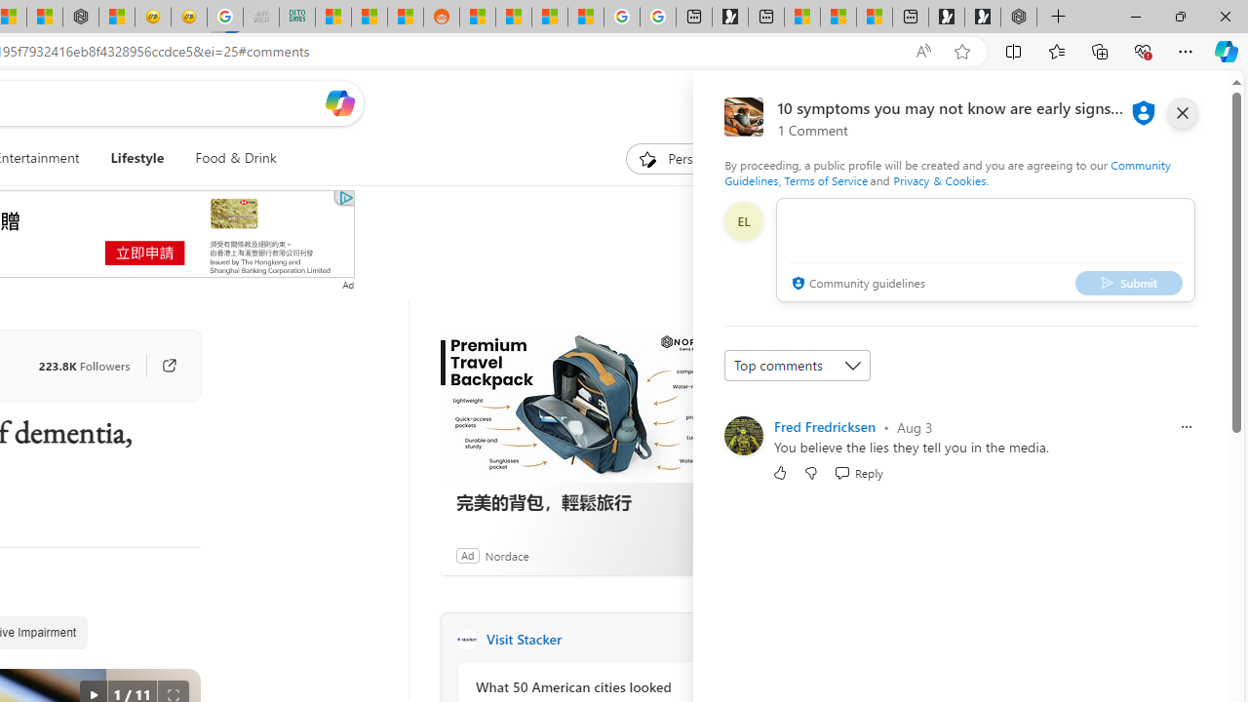 This screenshot has height=702, width=1248. Describe the element at coordinates (1129, 283) in the screenshot. I see `'Submit'` at that location.